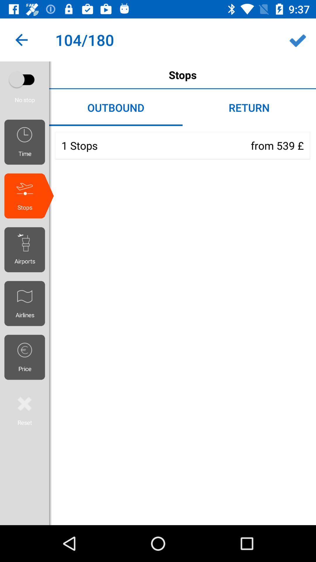 This screenshot has height=562, width=316. I want to click on icon next to stops, so click(21, 40).